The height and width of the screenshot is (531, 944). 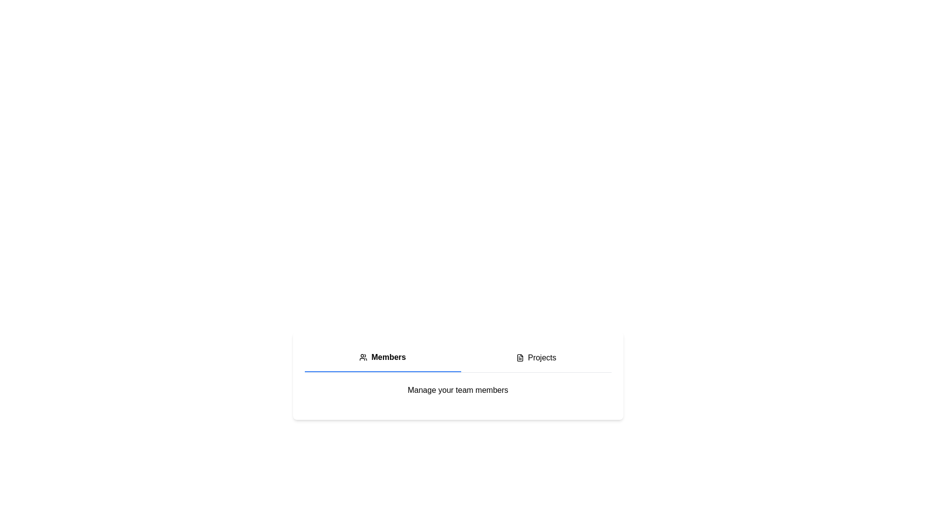 What do you see at coordinates (519, 358) in the screenshot?
I see `the document icon located in the horizontal menu area, positioned directly to the left of the 'Projects' text` at bounding box center [519, 358].